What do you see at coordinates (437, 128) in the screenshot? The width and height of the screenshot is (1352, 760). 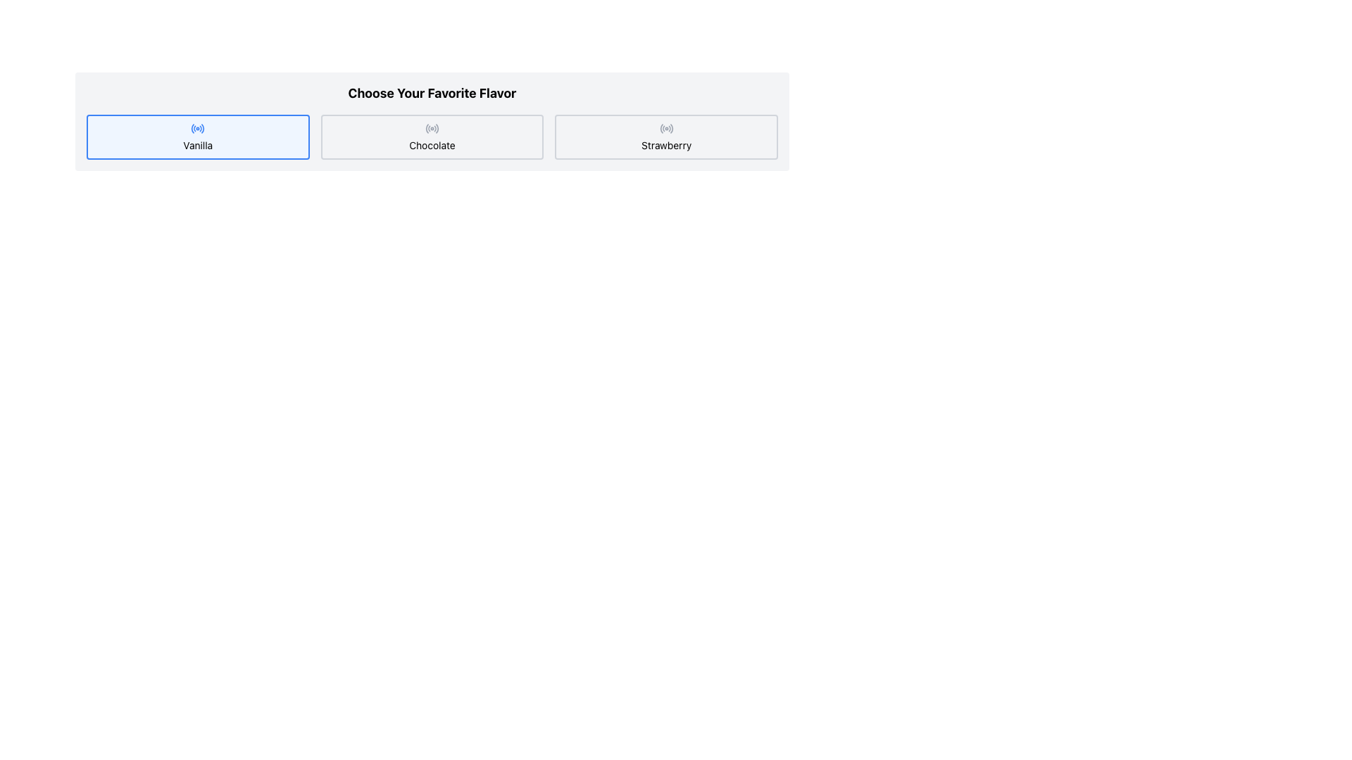 I see `the outermost arc of the radio button icon representing the 'Chocolate' flavor option in the SVG graphic` at bounding box center [437, 128].